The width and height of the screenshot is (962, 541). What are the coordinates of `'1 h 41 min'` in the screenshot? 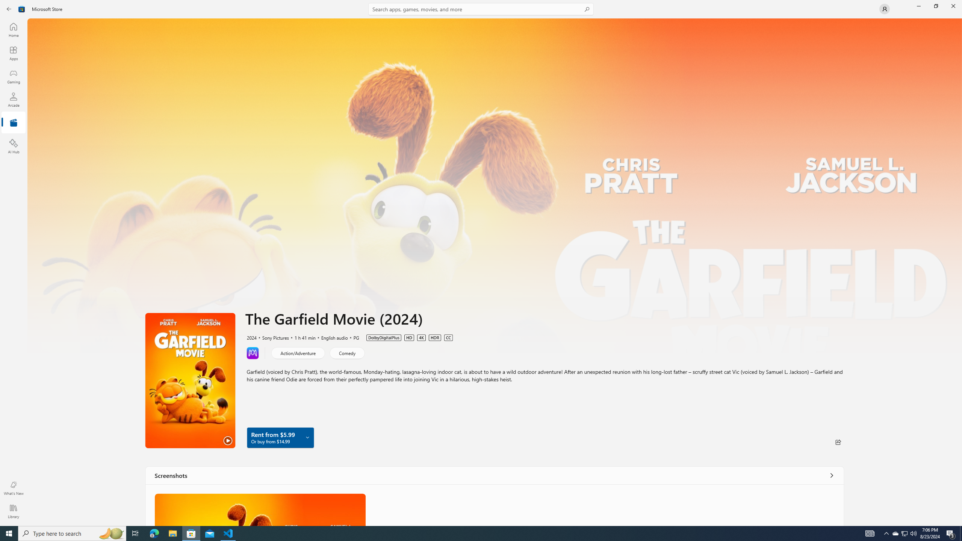 It's located at (302, 337).